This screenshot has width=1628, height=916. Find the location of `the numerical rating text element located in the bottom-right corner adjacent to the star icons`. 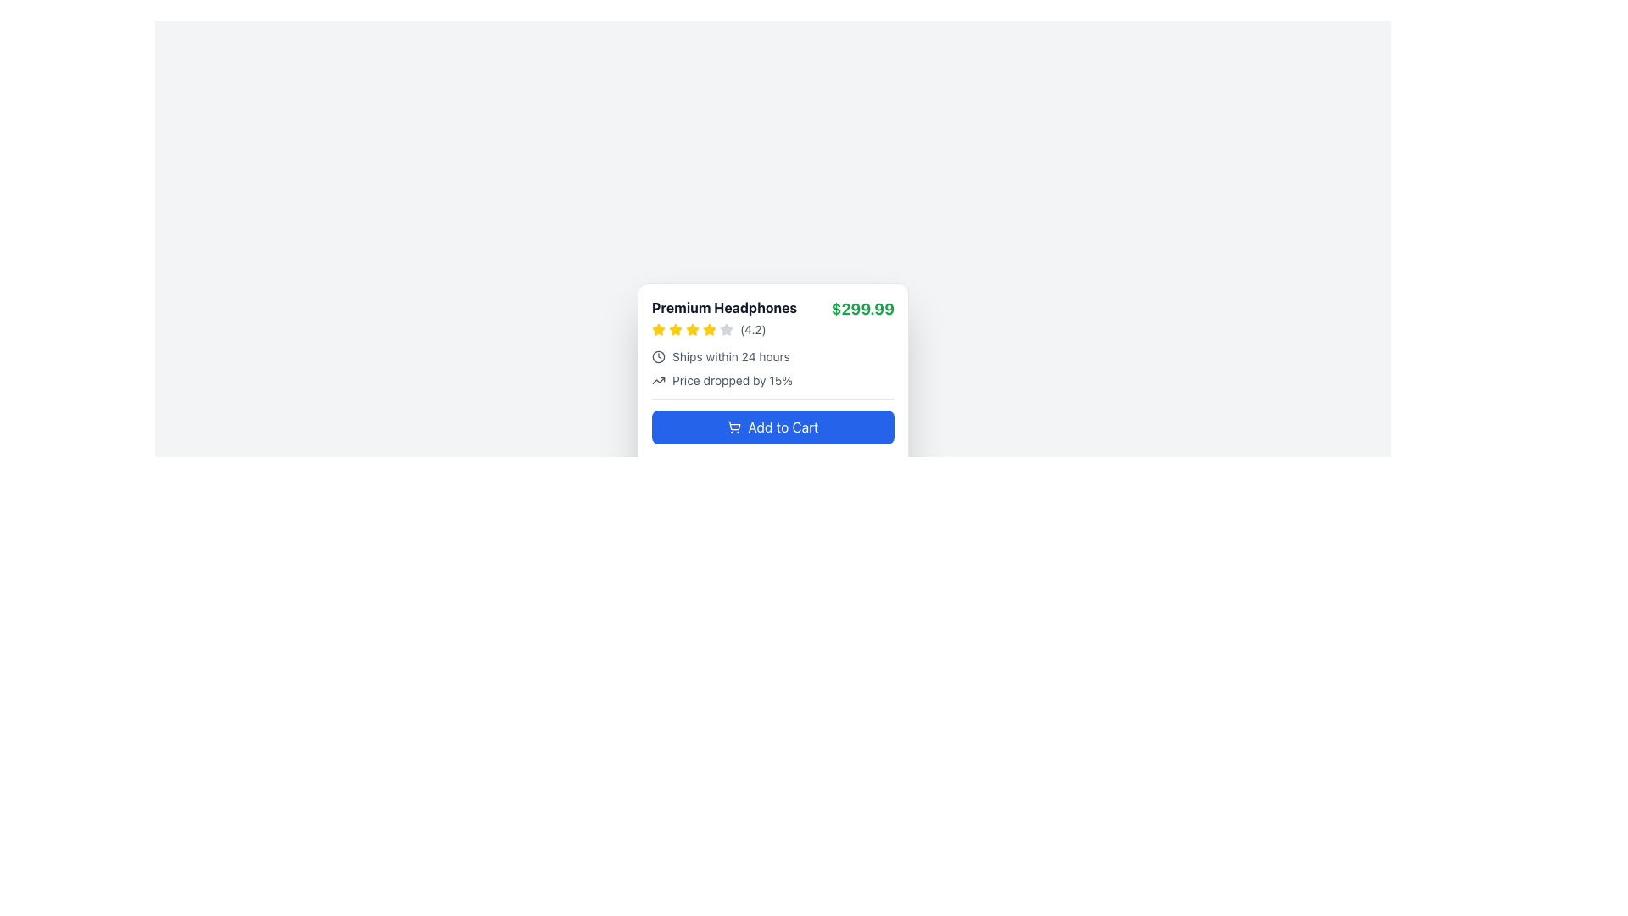

the numerical rating text element located in the bottom-right corner adjacent to the star icons is located at coordinates (752, 330).